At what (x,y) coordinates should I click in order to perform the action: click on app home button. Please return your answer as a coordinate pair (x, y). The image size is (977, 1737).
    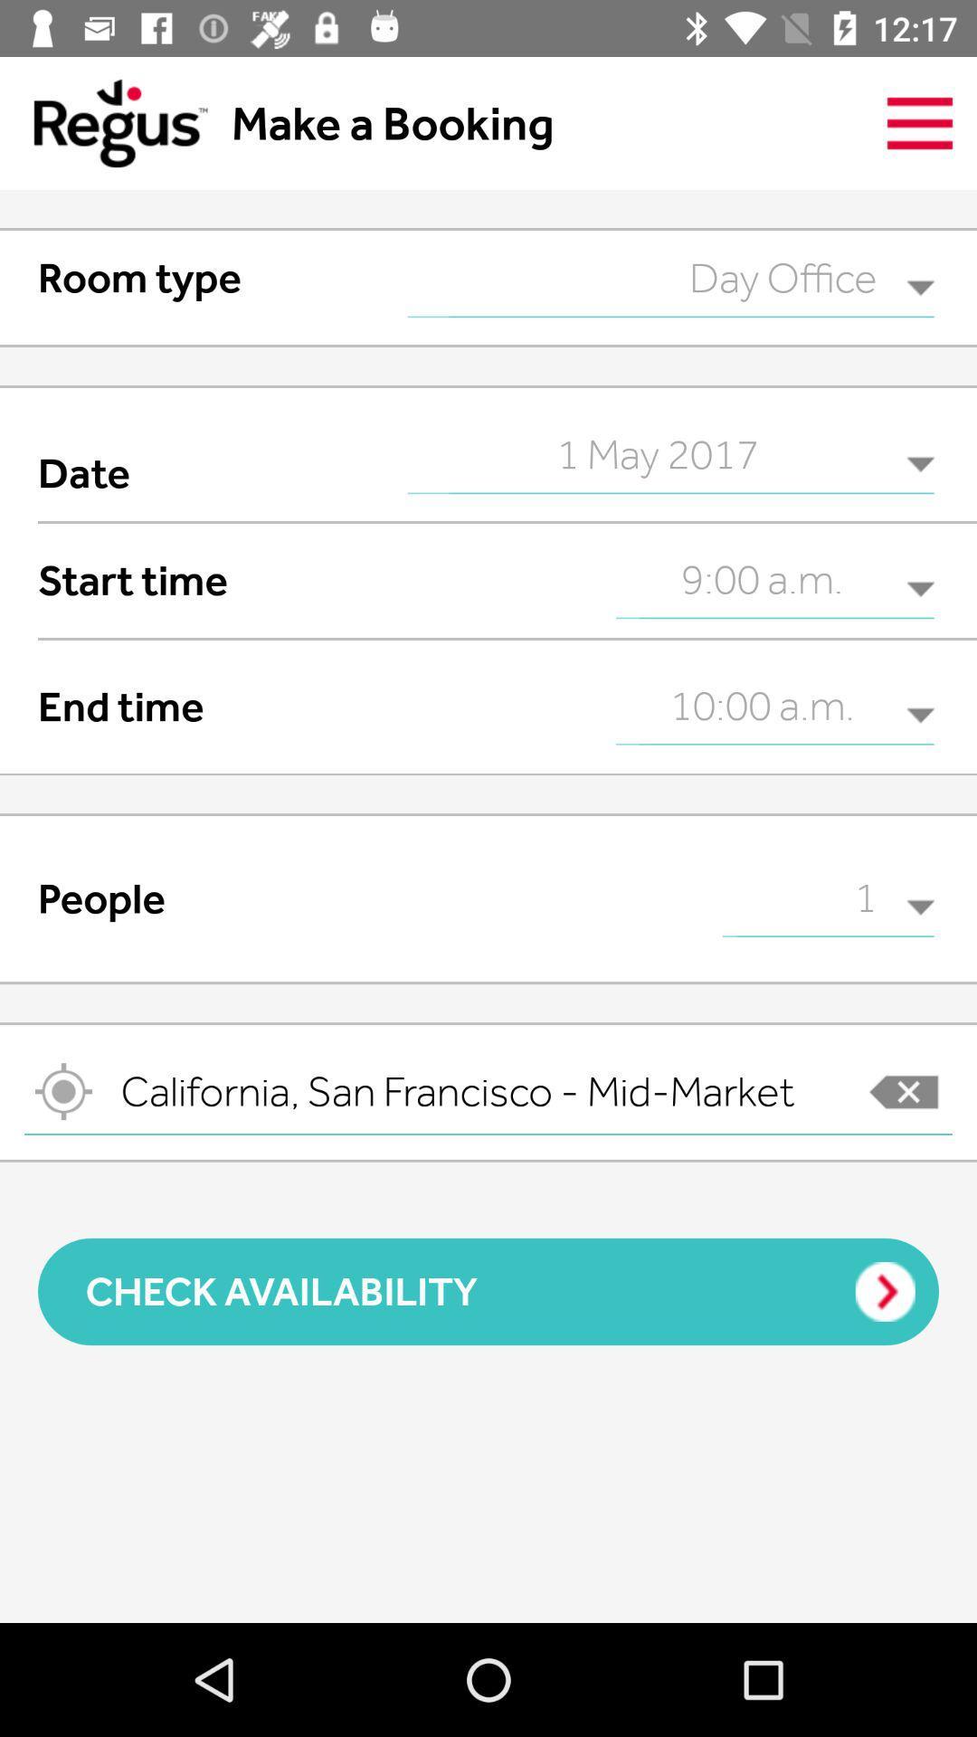
    Looking at the image, I should click on (103, 122).